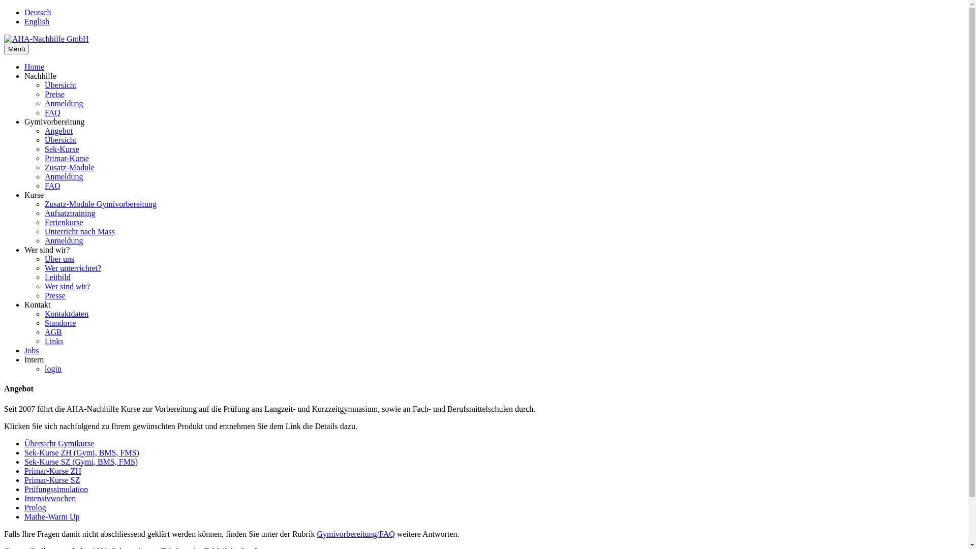 This screenshot has height=549, width=976. What do you see at coordinates (53, 332) in the screenshot?
I see `'AGB'` at bounding box center [53, 332].